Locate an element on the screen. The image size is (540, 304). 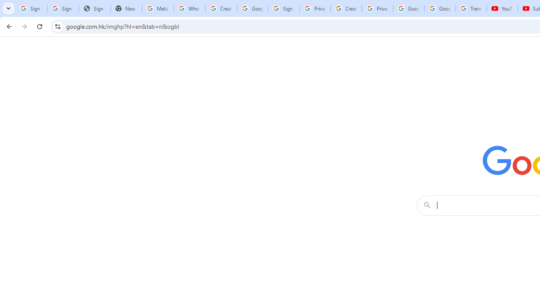
'Who is my administrator? - Google Account Help' is located at coordinates (189, 8).